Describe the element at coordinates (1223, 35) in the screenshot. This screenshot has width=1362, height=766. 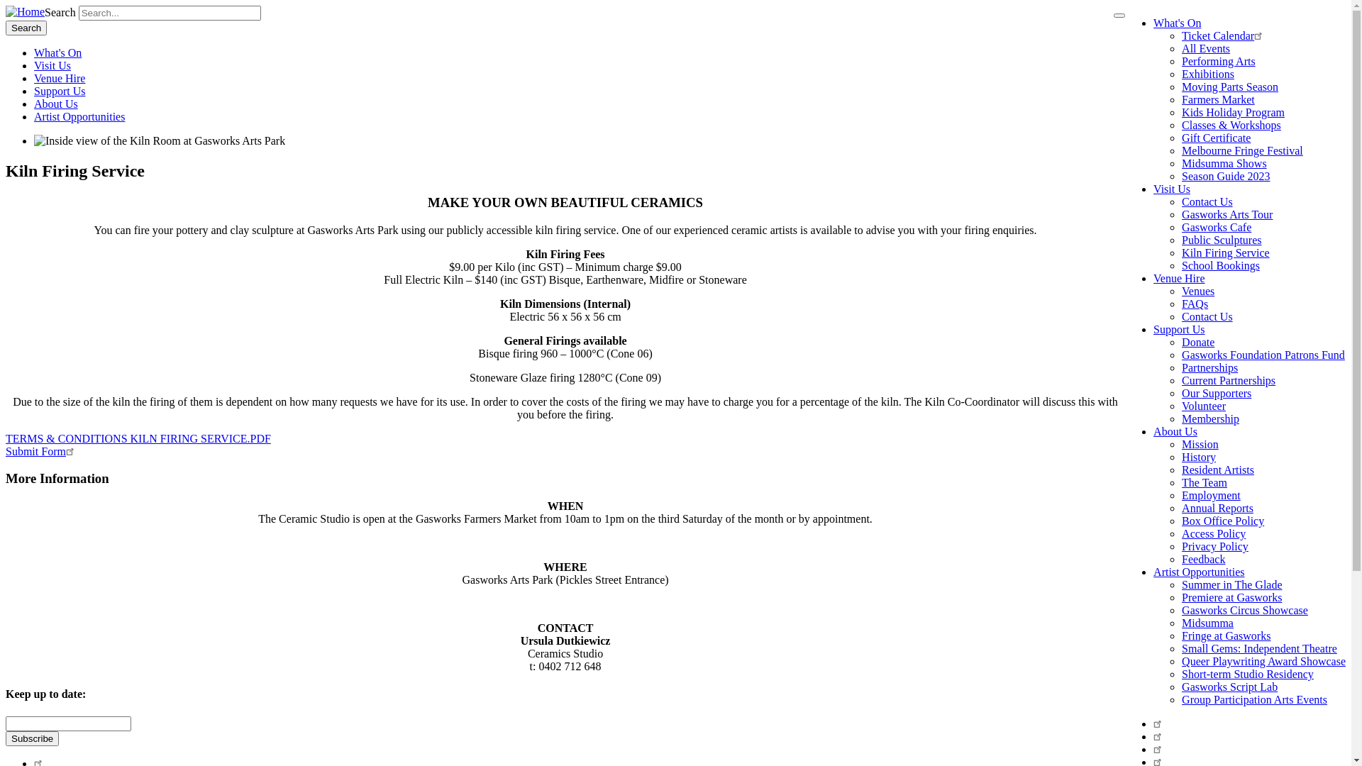
I see `'Ticket Calendar(link is external)'` at that location.